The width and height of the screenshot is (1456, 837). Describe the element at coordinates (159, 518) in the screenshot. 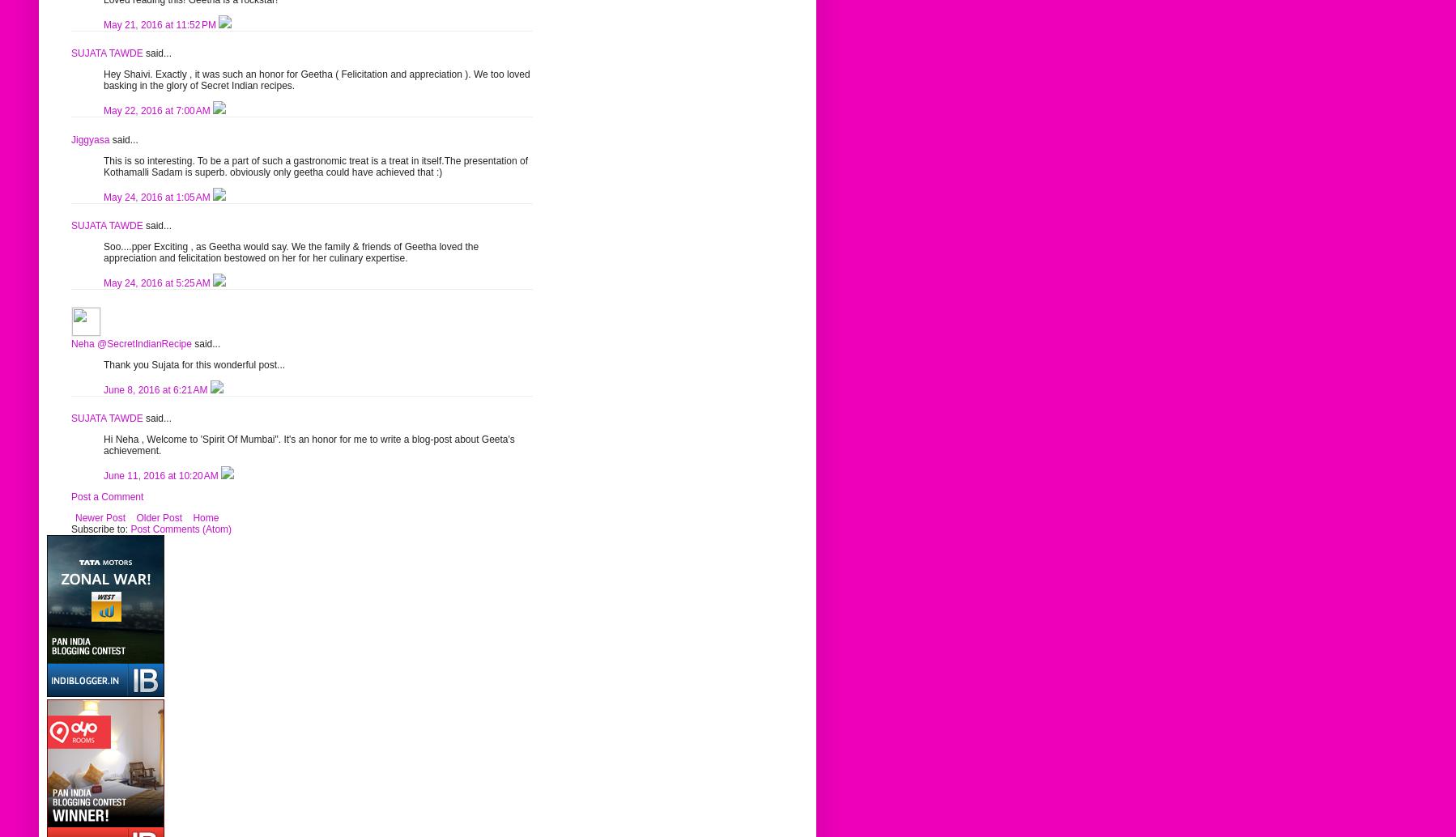

I see `'Older Post'` at that location.